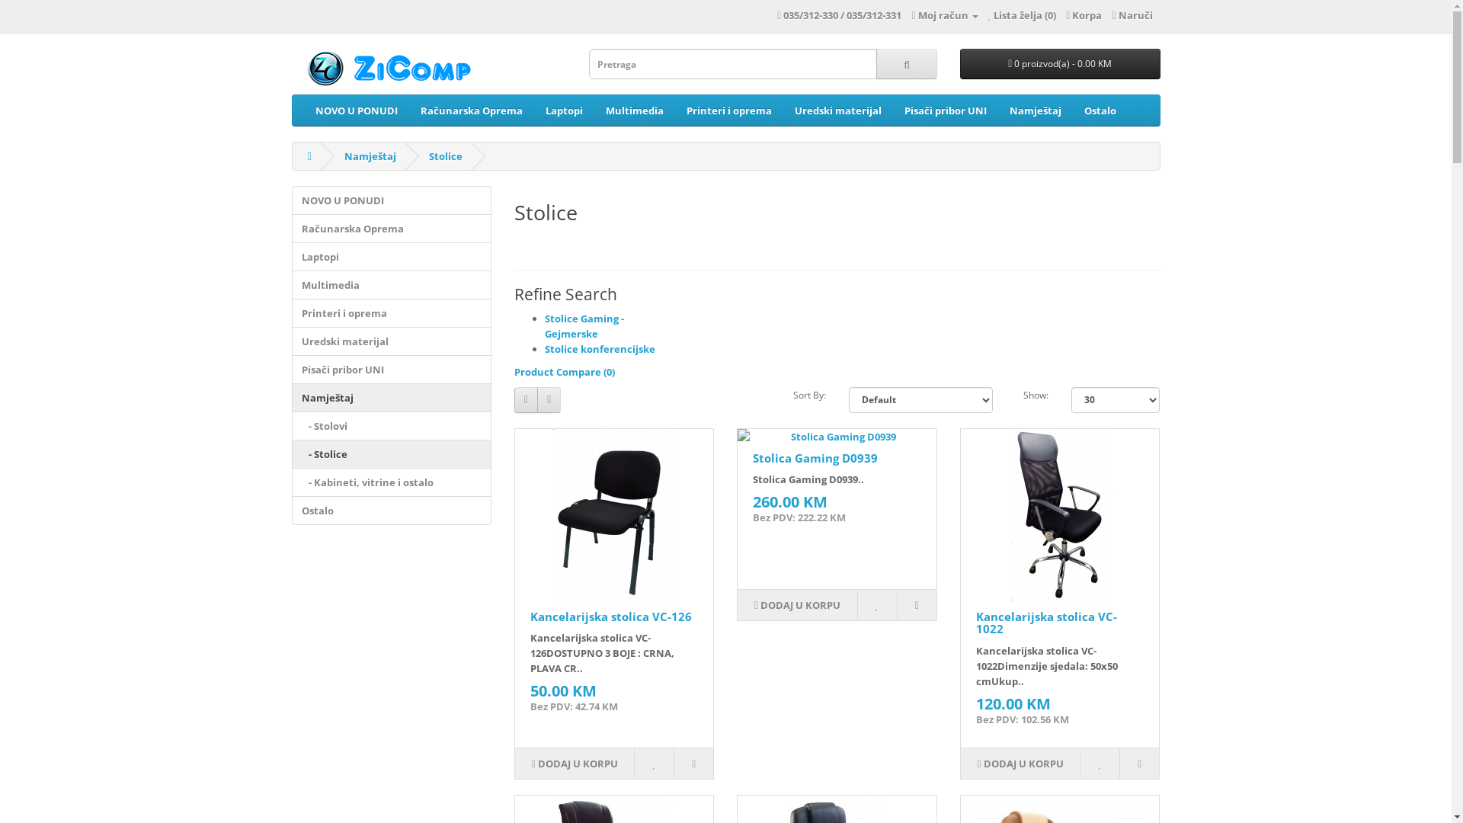  What do you see at coordinates (563, 372) in the screenshot?
I see `'Product Compare (0)'` at bounding box center [563, 372].